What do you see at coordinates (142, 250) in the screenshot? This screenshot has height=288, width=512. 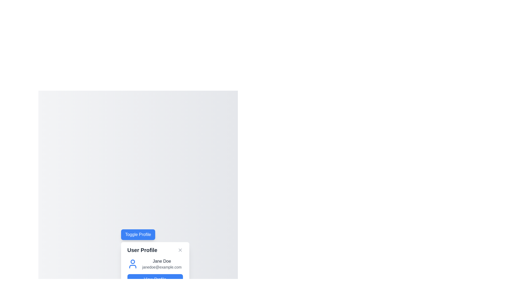 I see `the user profile information label, which serves as the heading for this section of the interface` at bounding box center [142, 250].